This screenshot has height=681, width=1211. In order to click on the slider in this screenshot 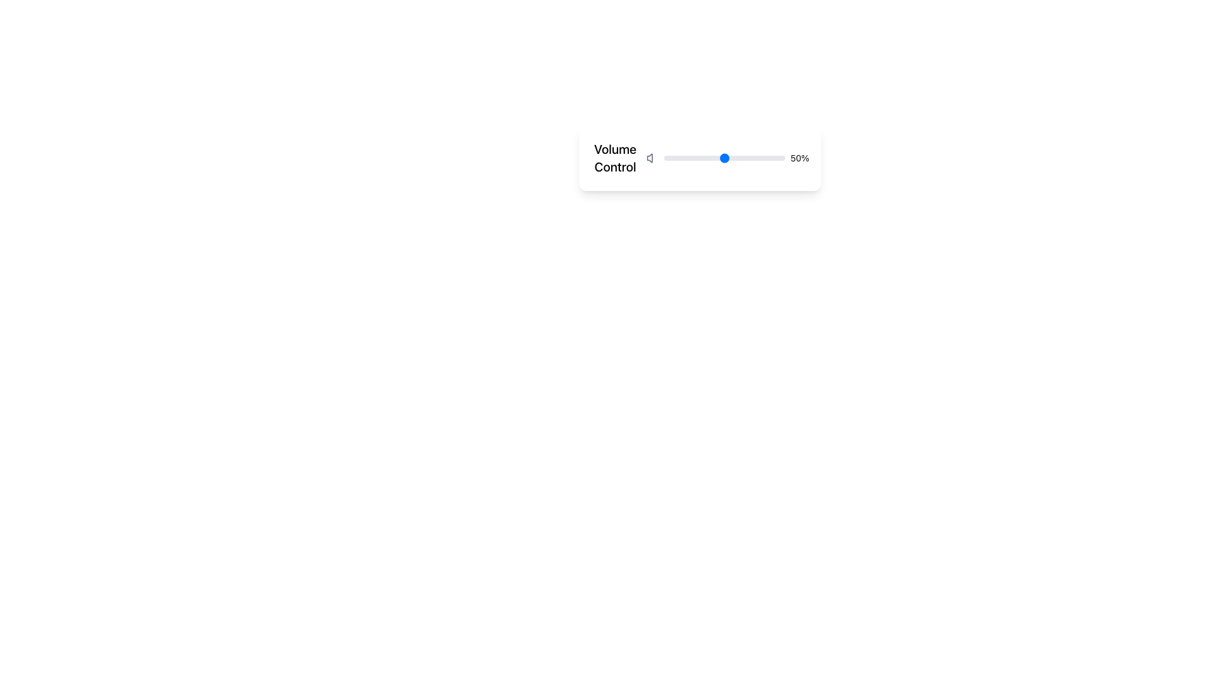, I will do `click(720, 157)`.